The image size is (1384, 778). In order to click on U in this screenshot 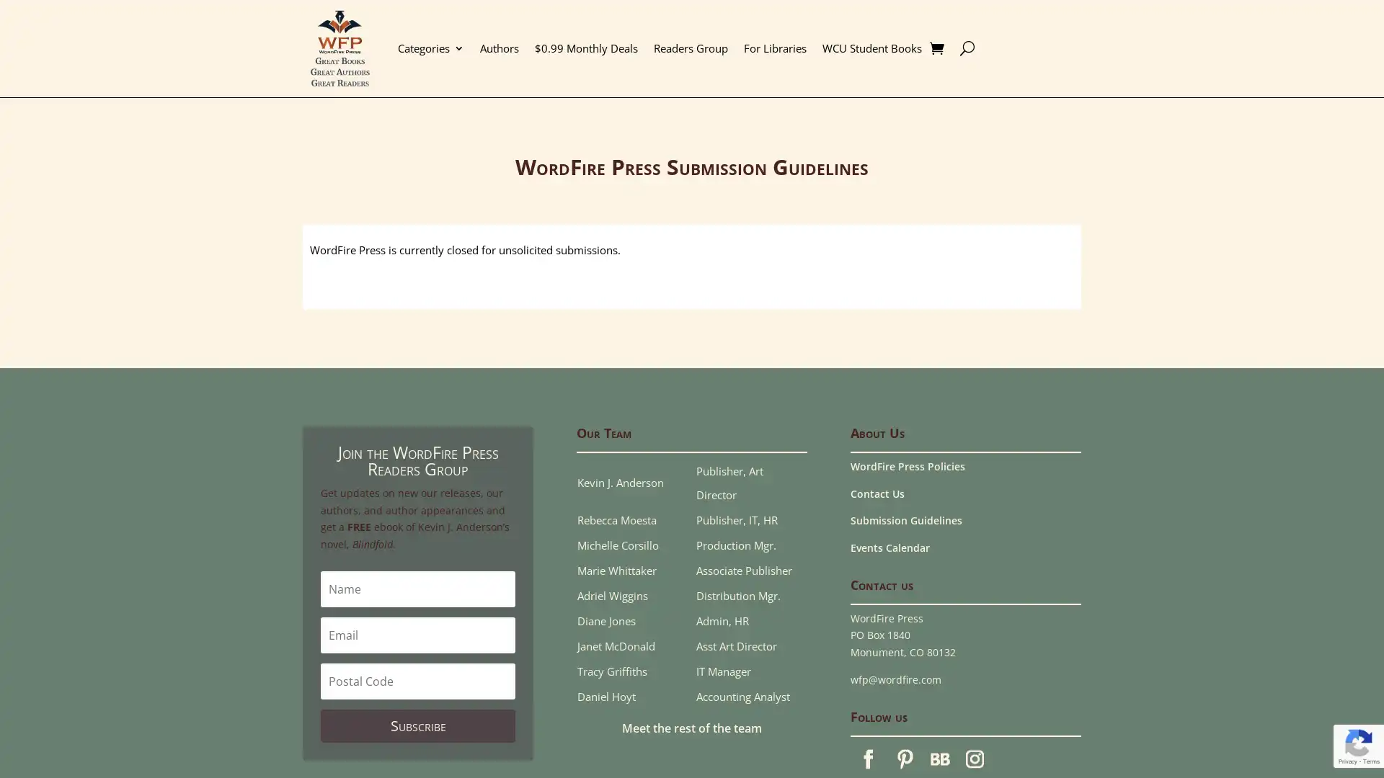, I will do `click(966, 47)`.